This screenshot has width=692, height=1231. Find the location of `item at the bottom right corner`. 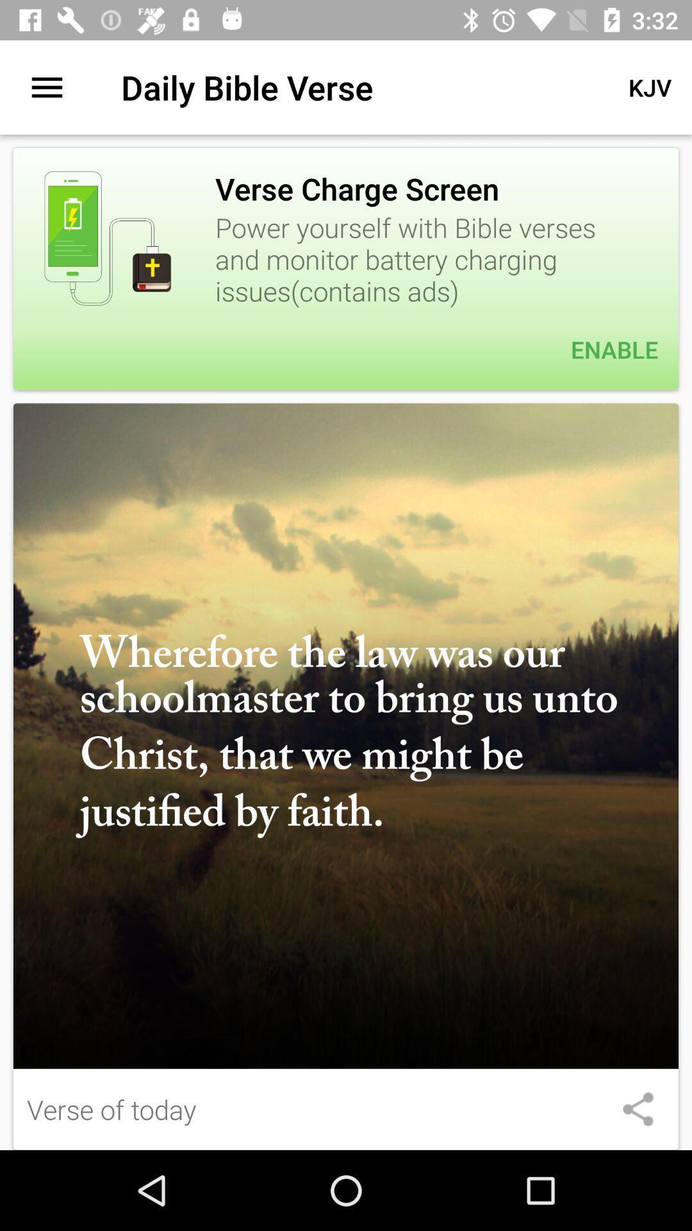

item at the bottom right corner is located at coordinates (638, 1109).